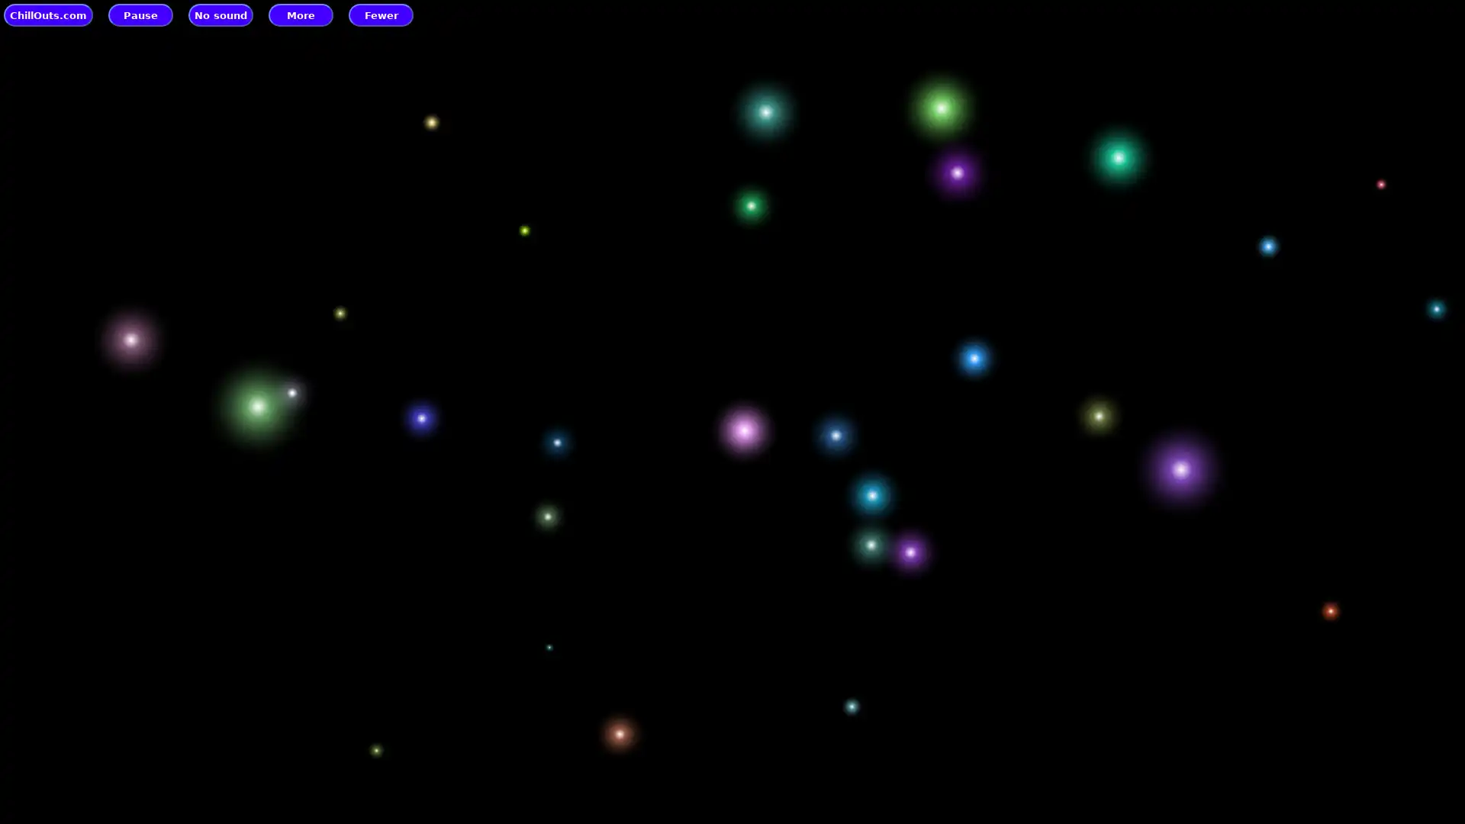 This screenshot has width=1465, height=824. What do you see at coordinates (220, 14) in the screenshot?
I see `No sound` at bounding box center [220, 14].